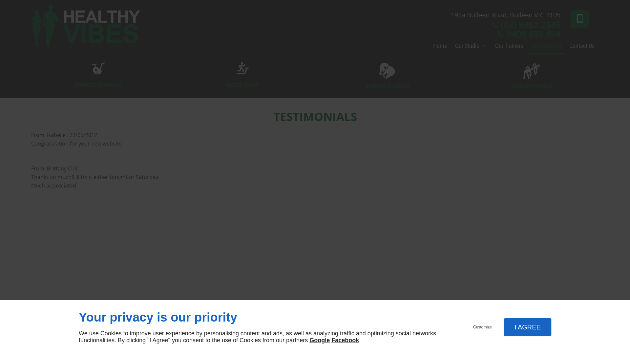 Image resolution: width=630 pixels, height=354 pixels. I want to click on 'linkeo', so click(40, 341).